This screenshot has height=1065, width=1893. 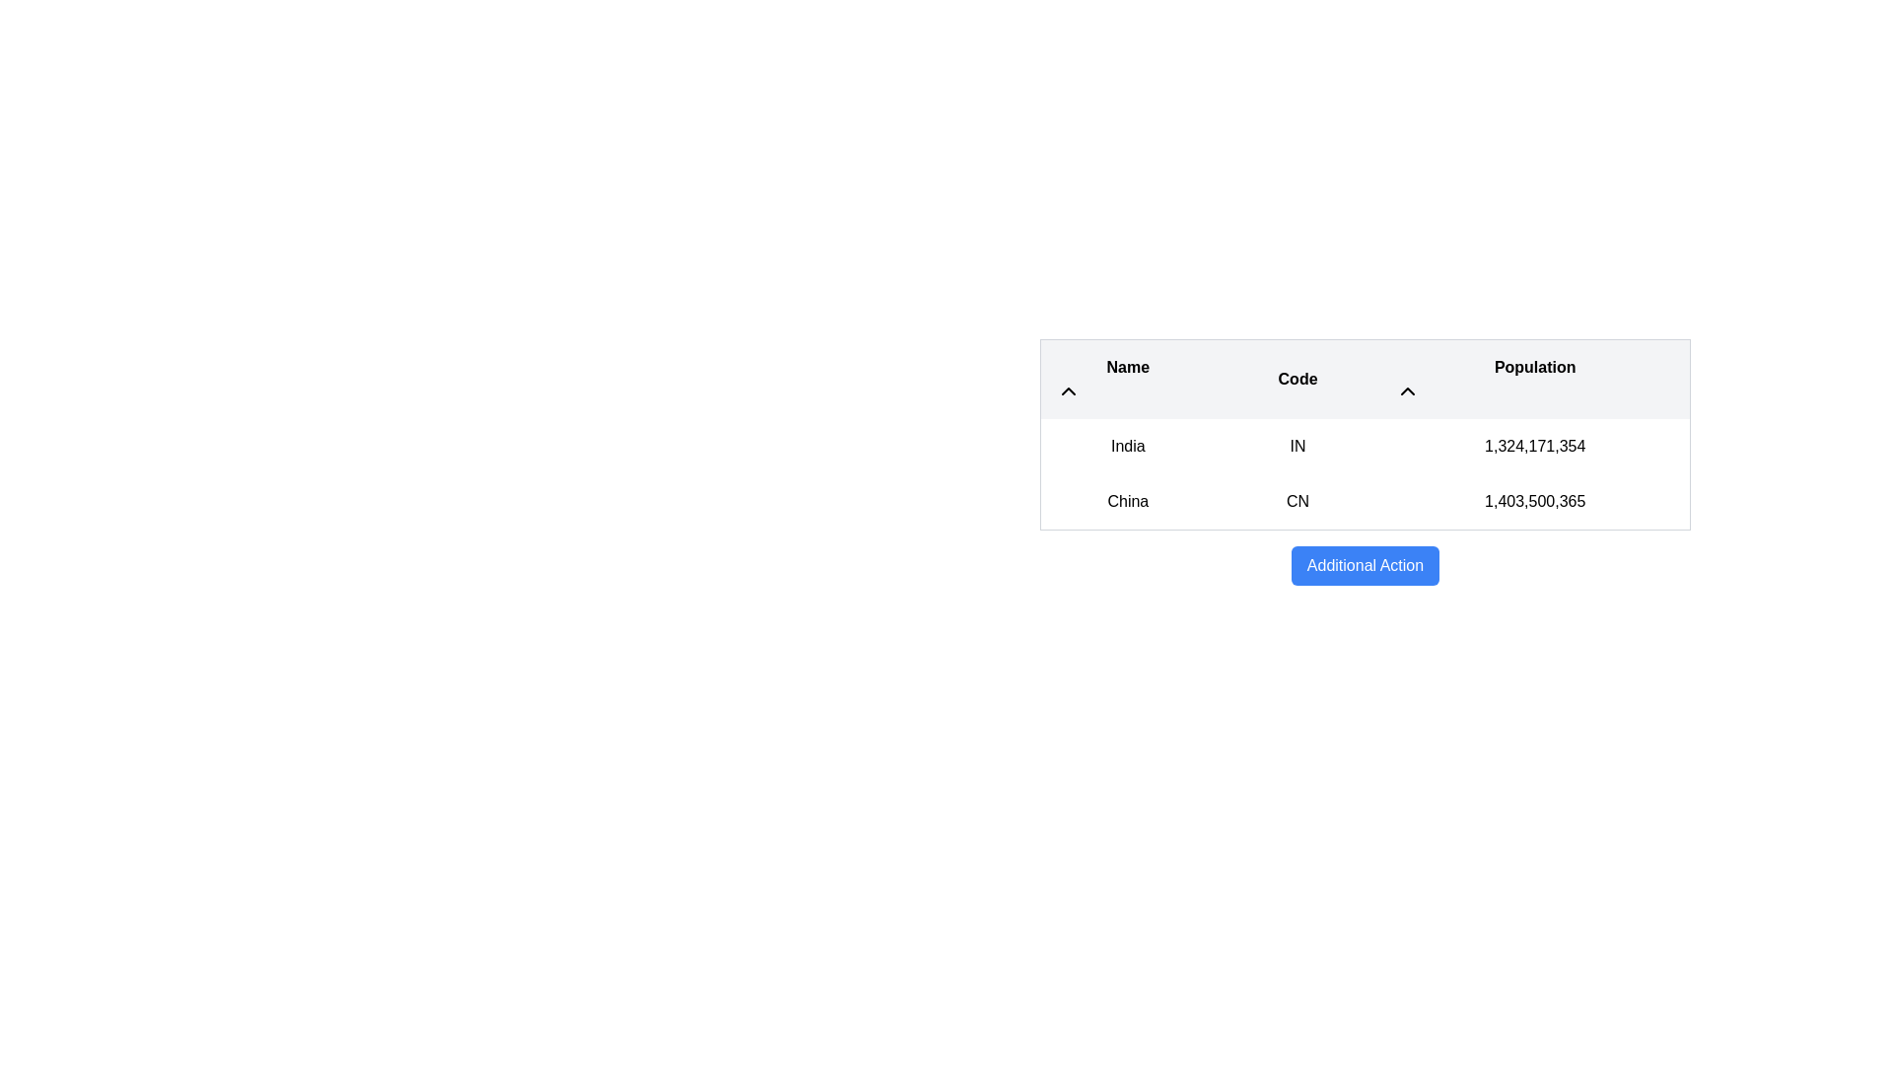 What do you see at coordinates (1128, 446) in the screenshot?
I see `the static text label displaying 'India' under the 'Name' column in the first row of the table` at bounding box center [1128, 446].